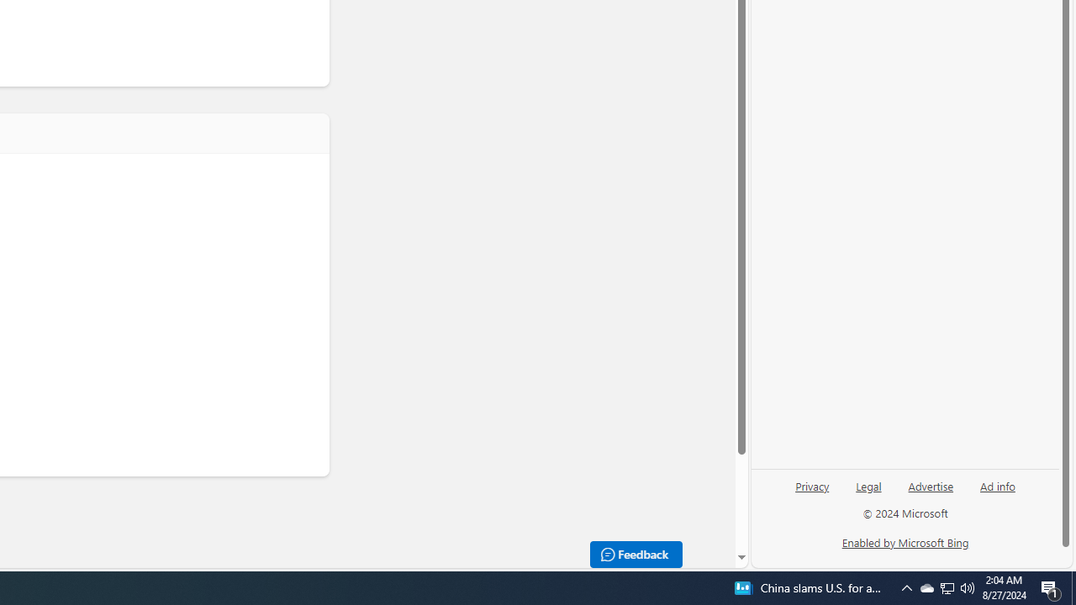 The height and width of the screenshot is (605, 1076). What do you see at coordinates (998, 485) in the screenshot?
I see `'Ad info'` at bounding box center [998, 485].